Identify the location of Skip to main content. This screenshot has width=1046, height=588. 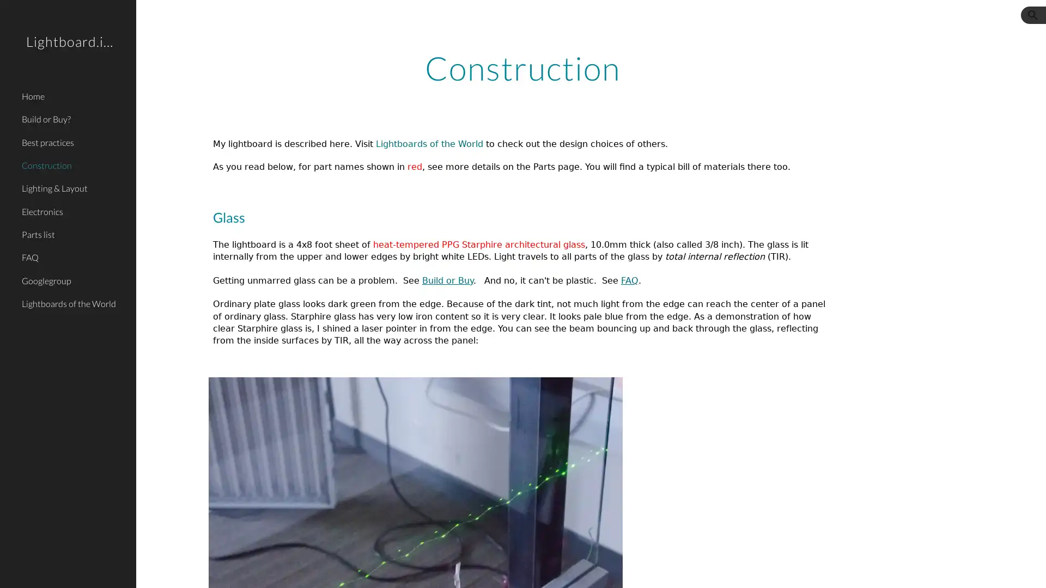
(429, 20).